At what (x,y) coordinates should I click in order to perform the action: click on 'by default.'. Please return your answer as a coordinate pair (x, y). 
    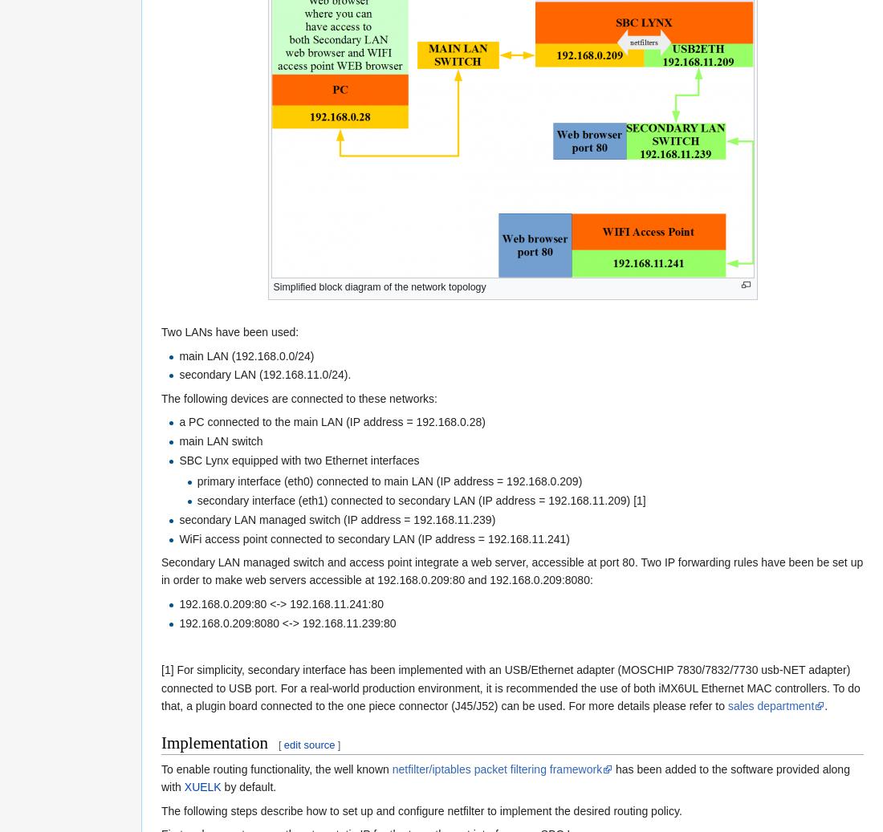
    Looking at the image, I should click on (247, 787).